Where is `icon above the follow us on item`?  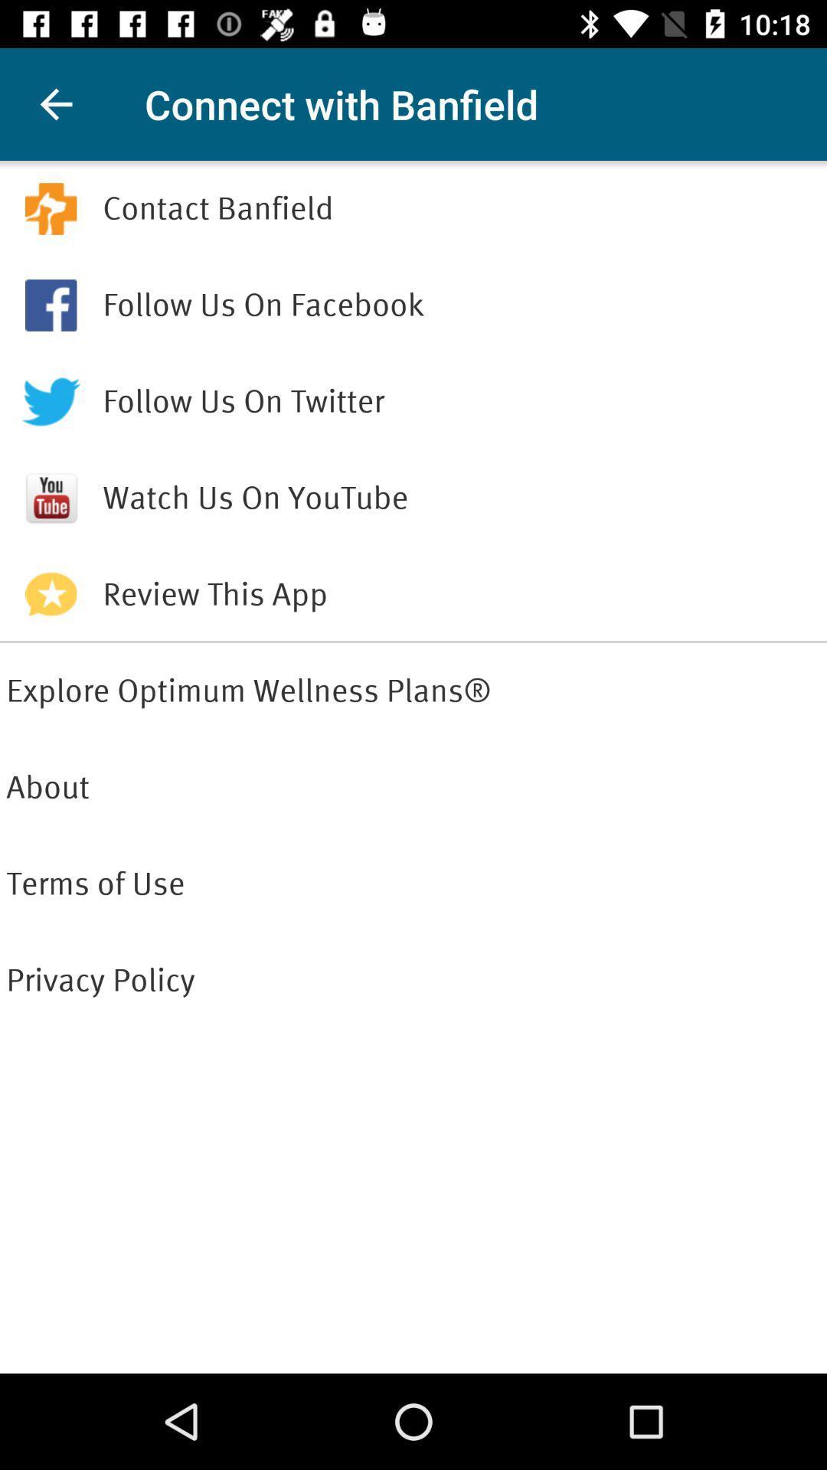 icon above the follow us on item is located at coordinates (460, 208).